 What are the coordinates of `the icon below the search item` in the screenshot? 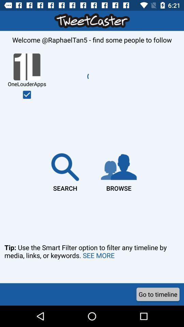 It's located at (92, 260).